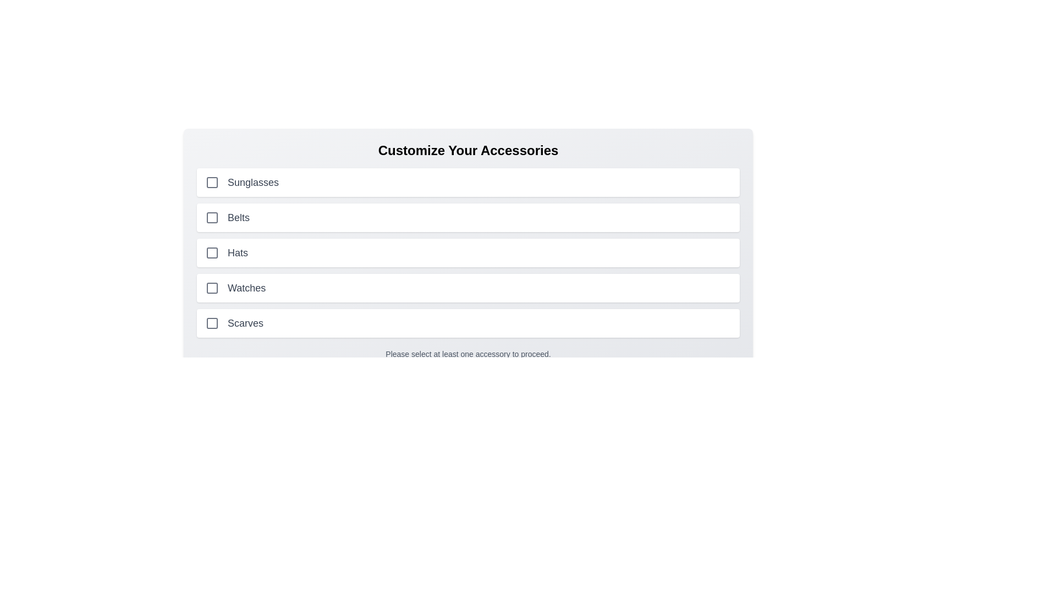  I want to click on the checkbox in the 'Watches' row, so click(212, 288).